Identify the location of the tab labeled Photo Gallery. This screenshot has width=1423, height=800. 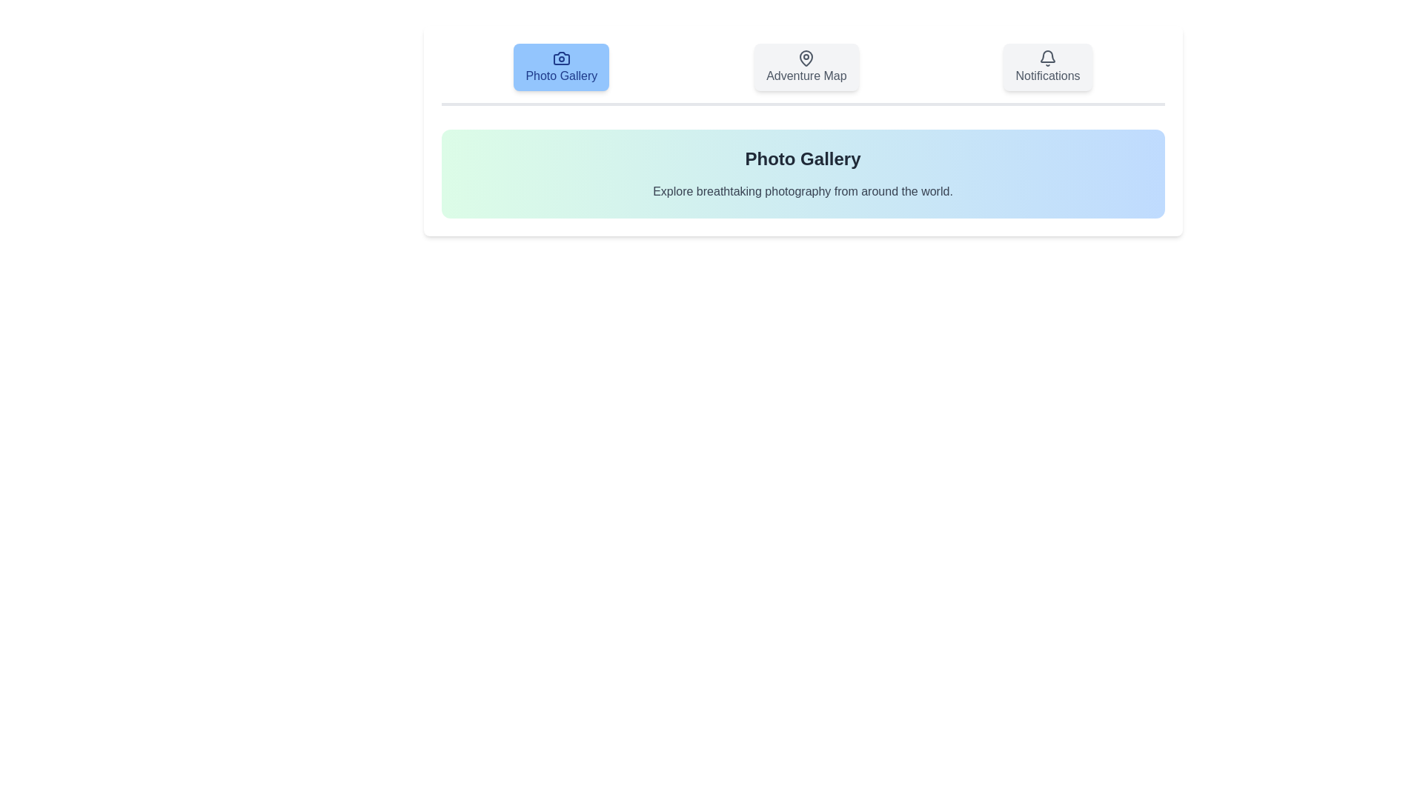
(560, 67).